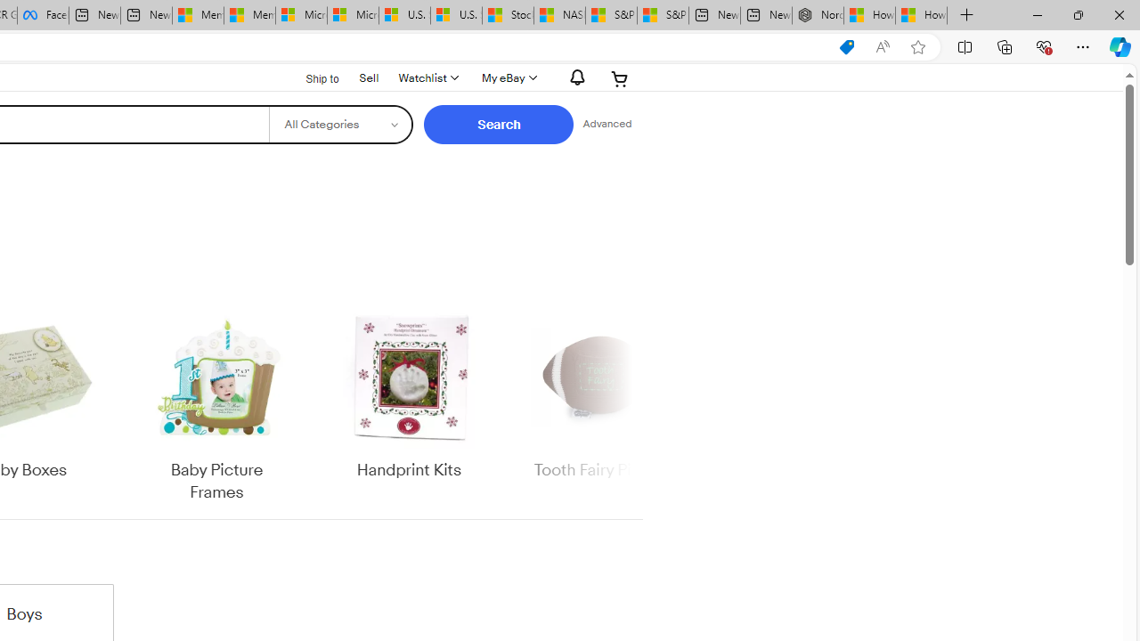  Describe the element at coordinates (368, 77) in the screenshot. I see `'Sell'` at that location.